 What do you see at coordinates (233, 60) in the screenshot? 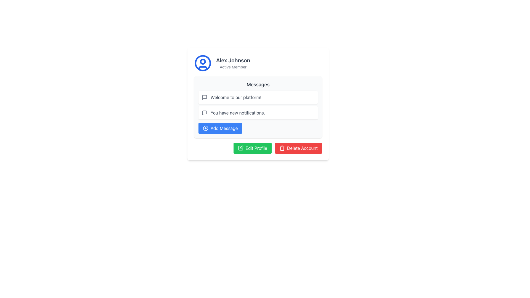
I see `the text label displaying 'Alex Johnson' which is bold and larger, located in the top-left section of a card layout` at bounding box center [233, 60].